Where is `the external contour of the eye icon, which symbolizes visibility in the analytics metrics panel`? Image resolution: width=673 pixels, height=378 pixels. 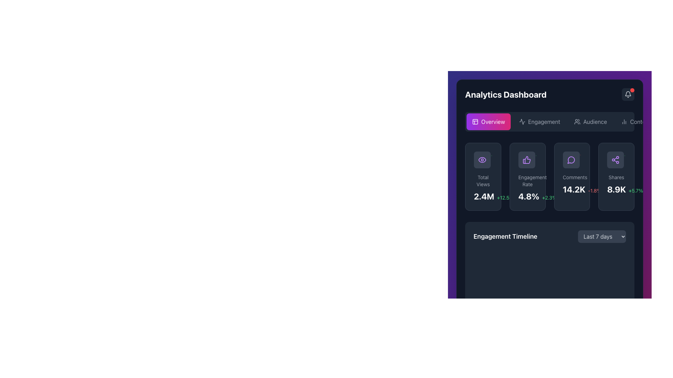 the external contour of the eye icon, which symbolizes visibility in the analytics metrics panel is located at coordinates (482, 160).